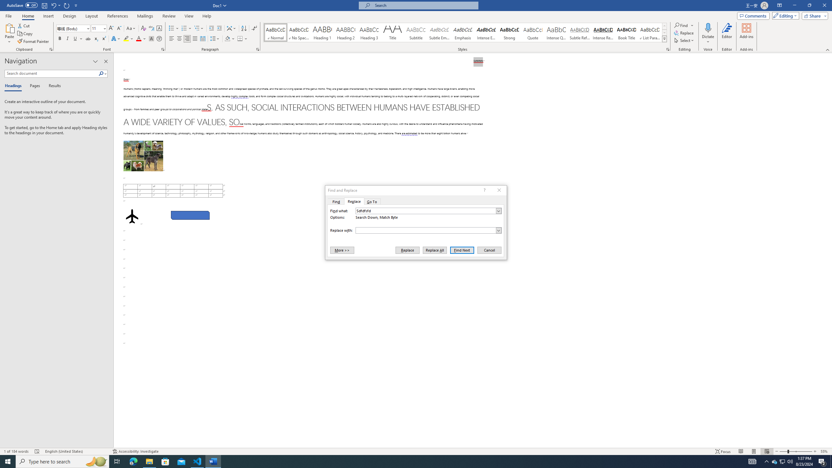  Describe the element at coordinates (33, 41) in the screenshot. I see `'Format Painter'` at that location.